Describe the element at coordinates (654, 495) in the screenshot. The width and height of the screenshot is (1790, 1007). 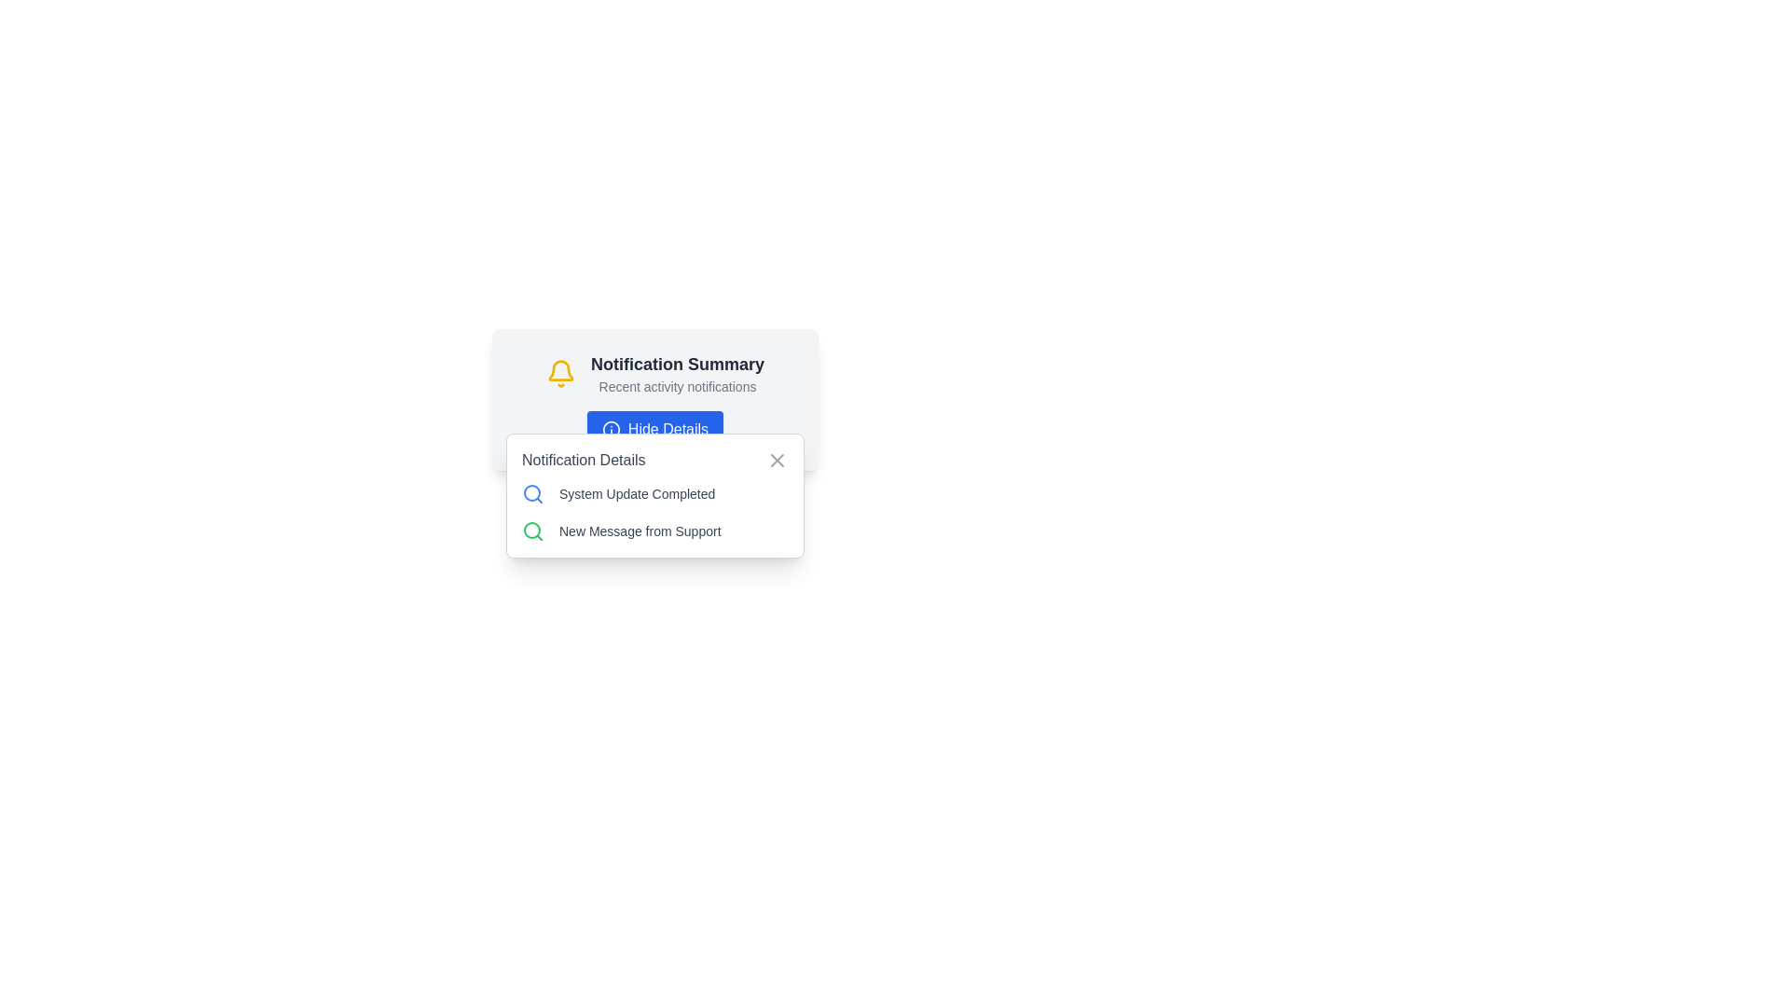
I see `the 'Notification Details' popup to view the details of the listed items` at that location.